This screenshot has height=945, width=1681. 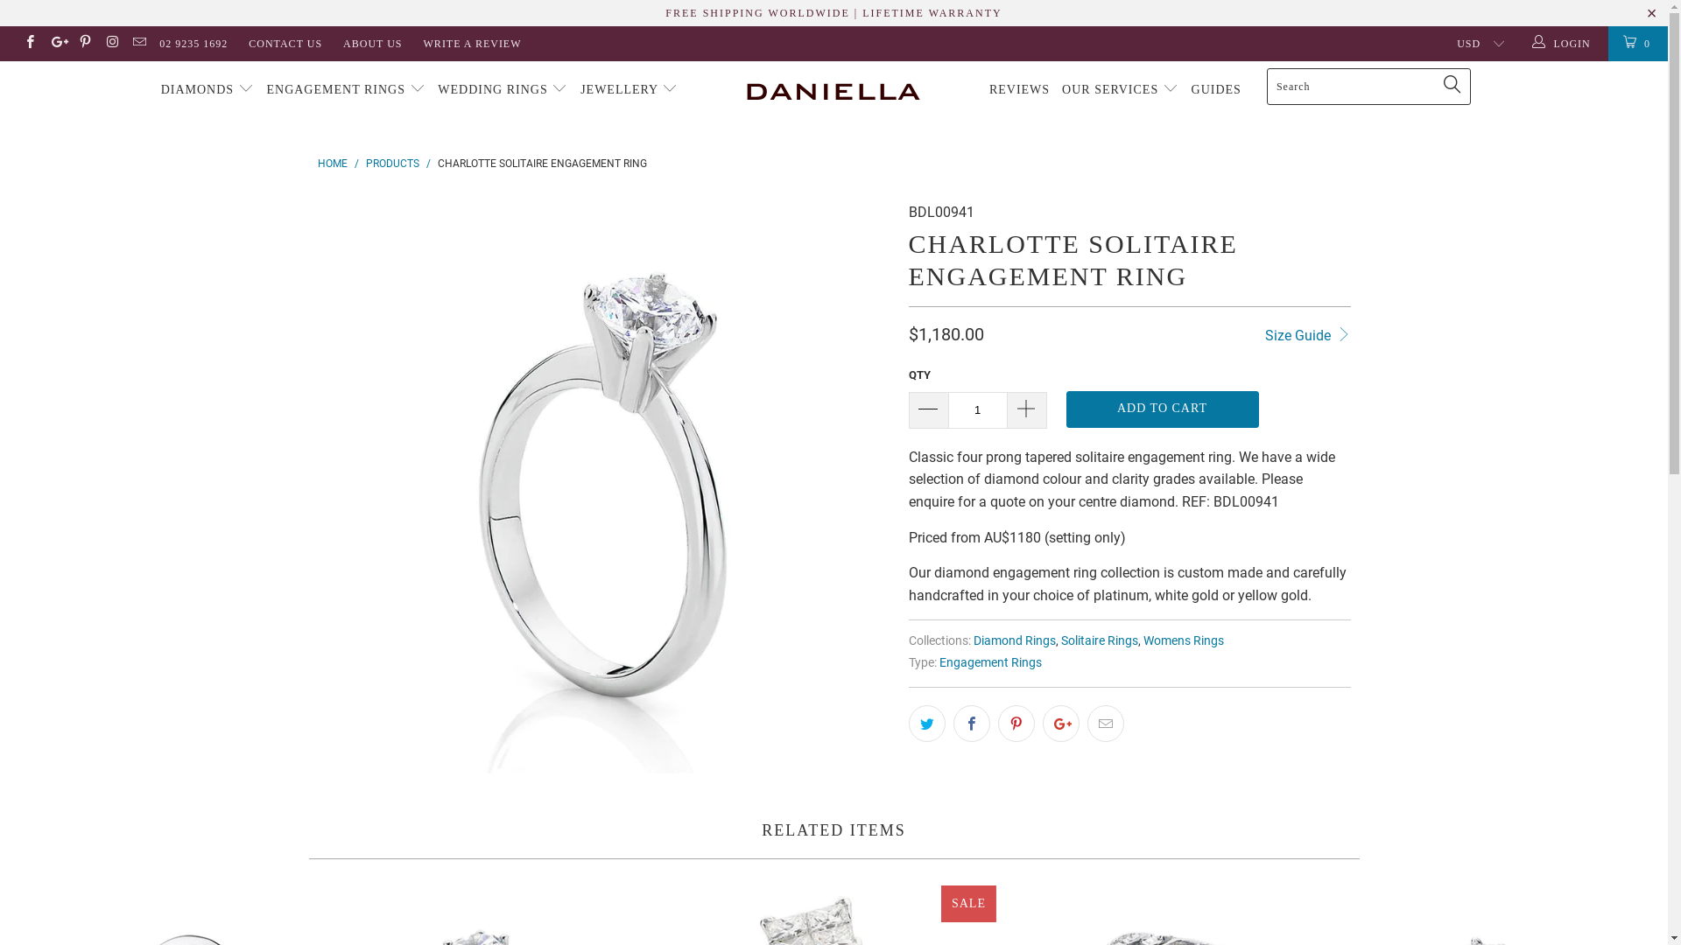 What do you see at coordinates (1099, 640) in the screenshot?
I see `'Solitaire Rings'` at bounding box center [1099, 640].